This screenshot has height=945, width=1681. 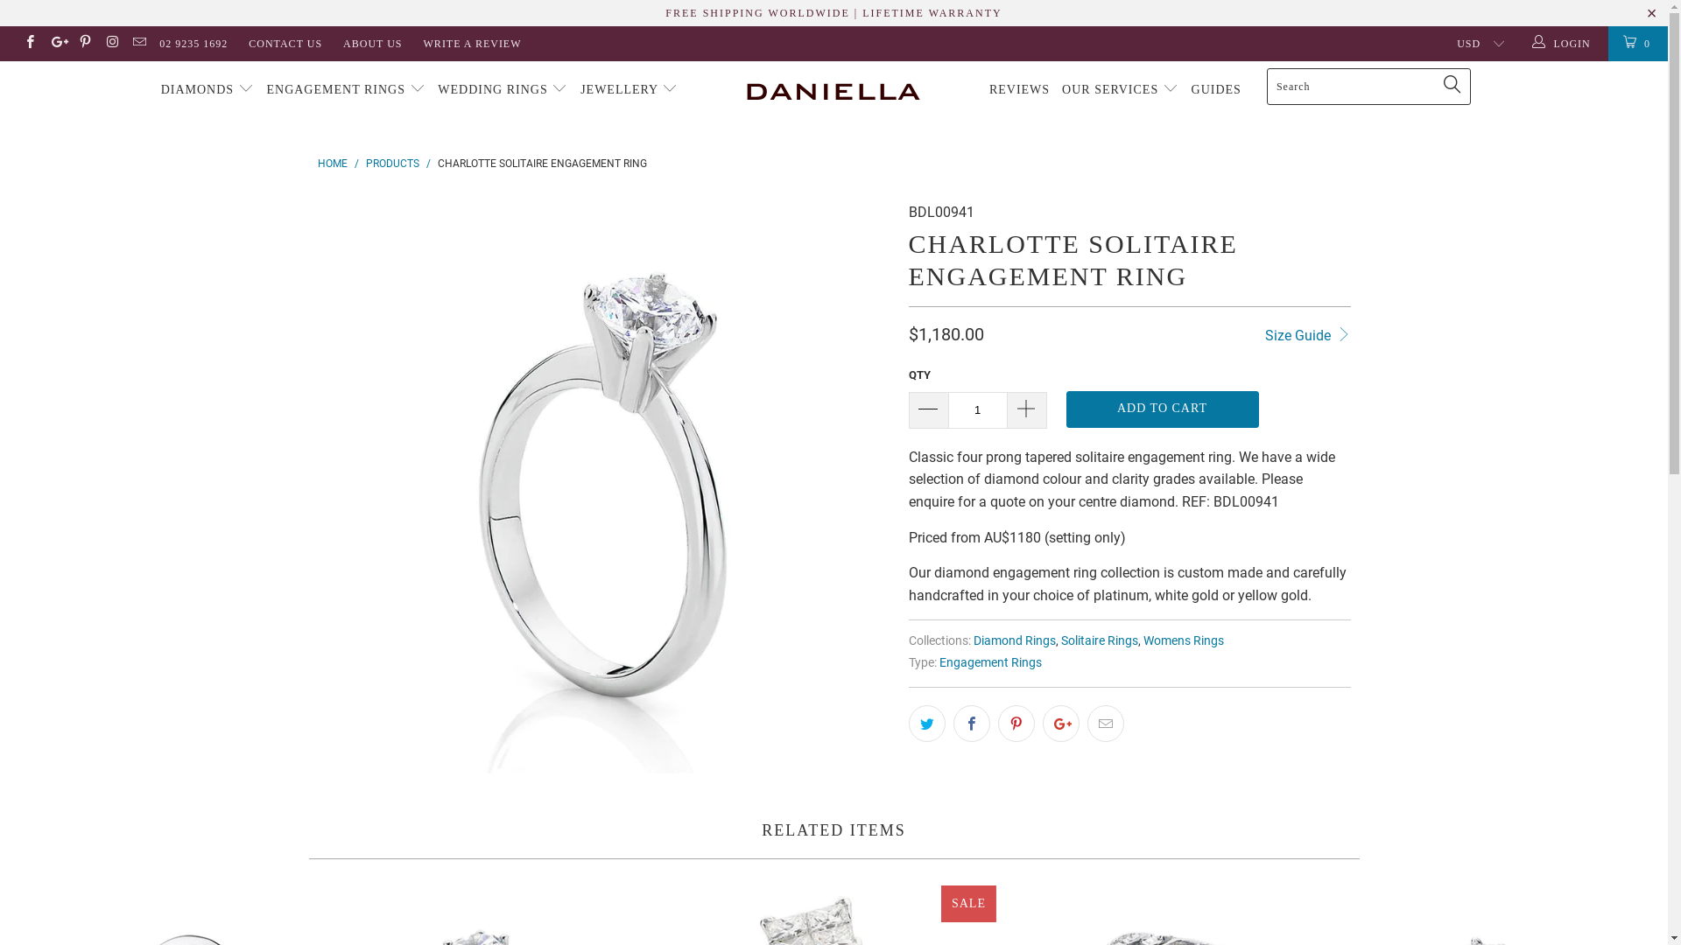 What do you see at coordinates (1099, 640) in the screenshot?
I see `'Solitaire Rings'` at bounding box center [1099, 640].